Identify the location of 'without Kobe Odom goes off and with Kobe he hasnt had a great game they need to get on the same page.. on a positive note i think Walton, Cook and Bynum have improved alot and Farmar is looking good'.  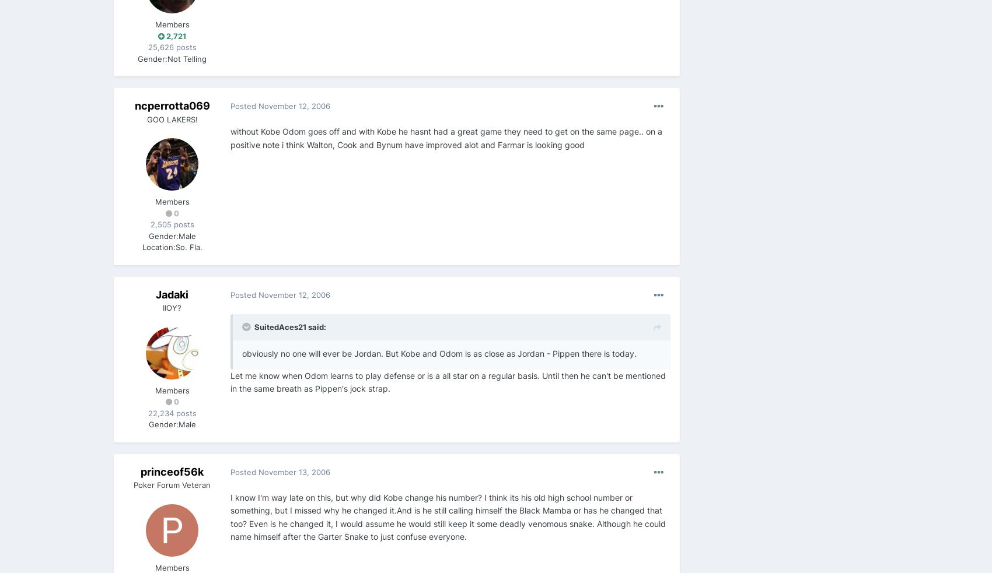
(446, 138).